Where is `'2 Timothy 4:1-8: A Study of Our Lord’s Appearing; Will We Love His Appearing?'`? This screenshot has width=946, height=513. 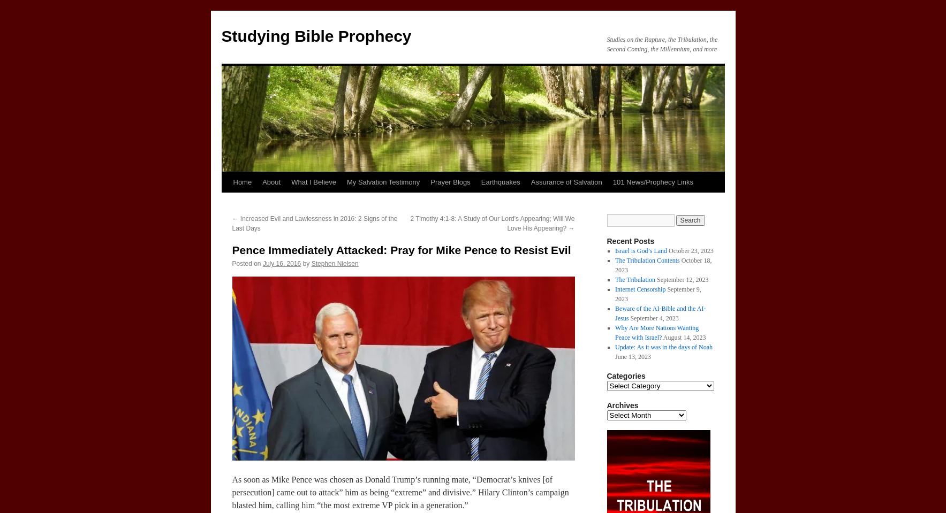 '2 Timothy 4:1-8: A Study of Our Lord’s Appearing; Will We Love His Appearing?' is located at coordinates (492, 223).